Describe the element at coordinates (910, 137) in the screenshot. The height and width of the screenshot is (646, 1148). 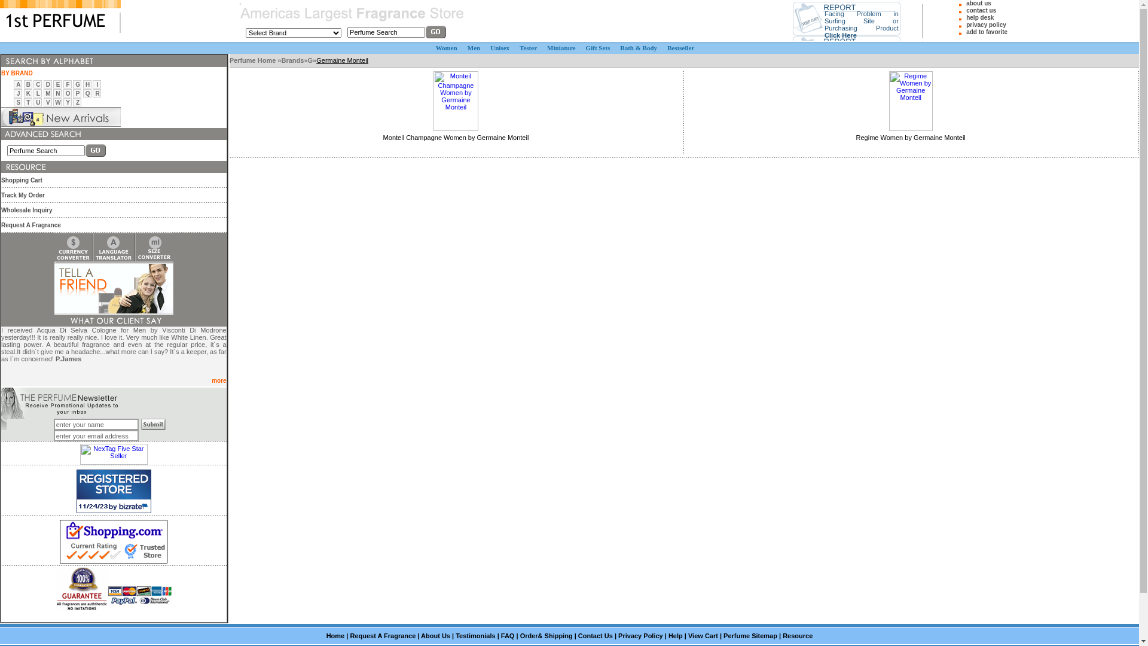
I see `'Regime Women by Germaine Monteil'` at that location.